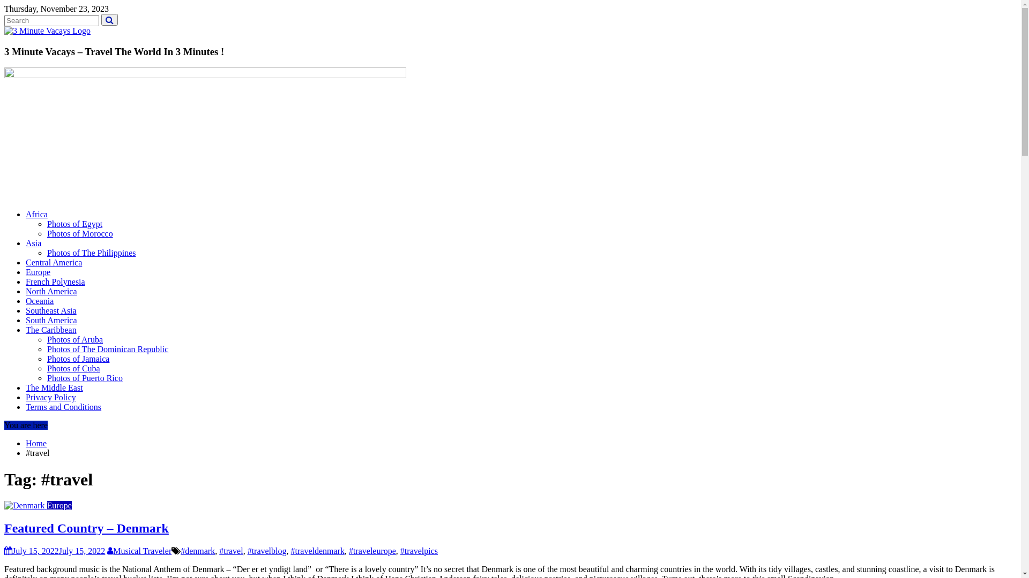 The width and height of the screenshot is (1029, 578). I want to click on 'Photos of Aruba', so click(46, 339).